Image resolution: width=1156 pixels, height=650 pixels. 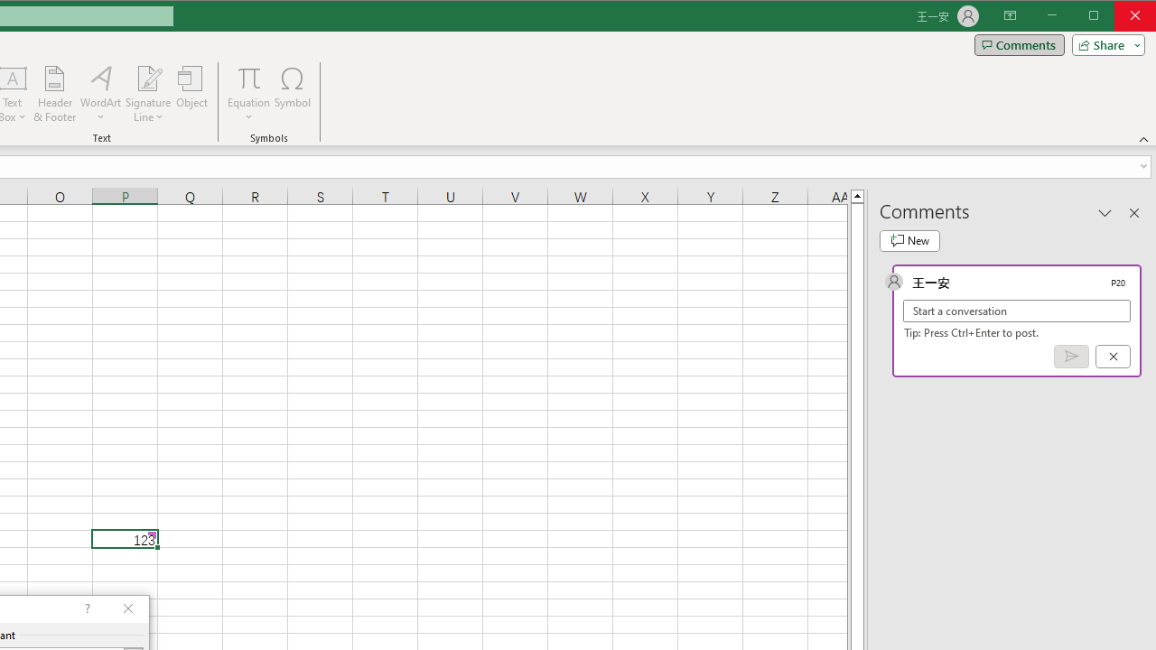 What do you see at coordinates (1017, 310) in the screenshot?
I see `'Start a conversation'` at bounding box center [1017, 310].